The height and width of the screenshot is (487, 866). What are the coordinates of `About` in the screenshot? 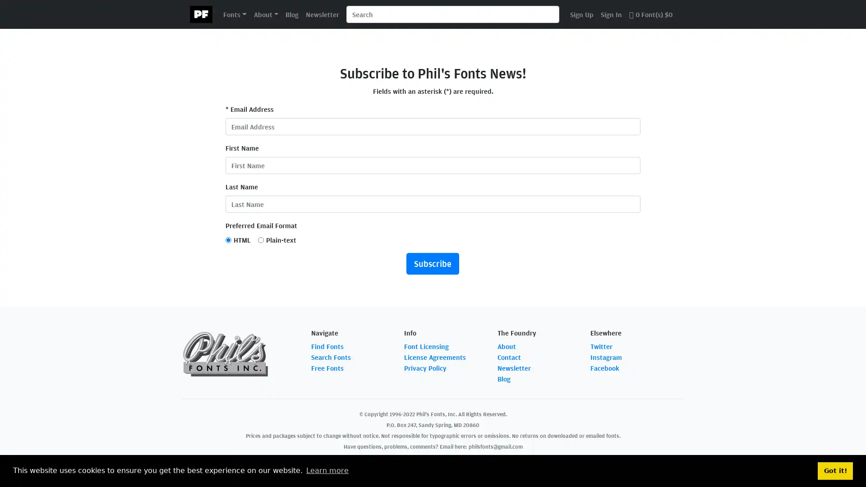 It's located at (265, 14).